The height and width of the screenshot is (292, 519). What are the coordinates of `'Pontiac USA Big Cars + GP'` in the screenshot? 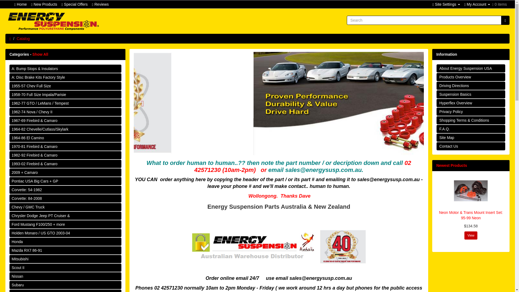 It's located at (65, 181).